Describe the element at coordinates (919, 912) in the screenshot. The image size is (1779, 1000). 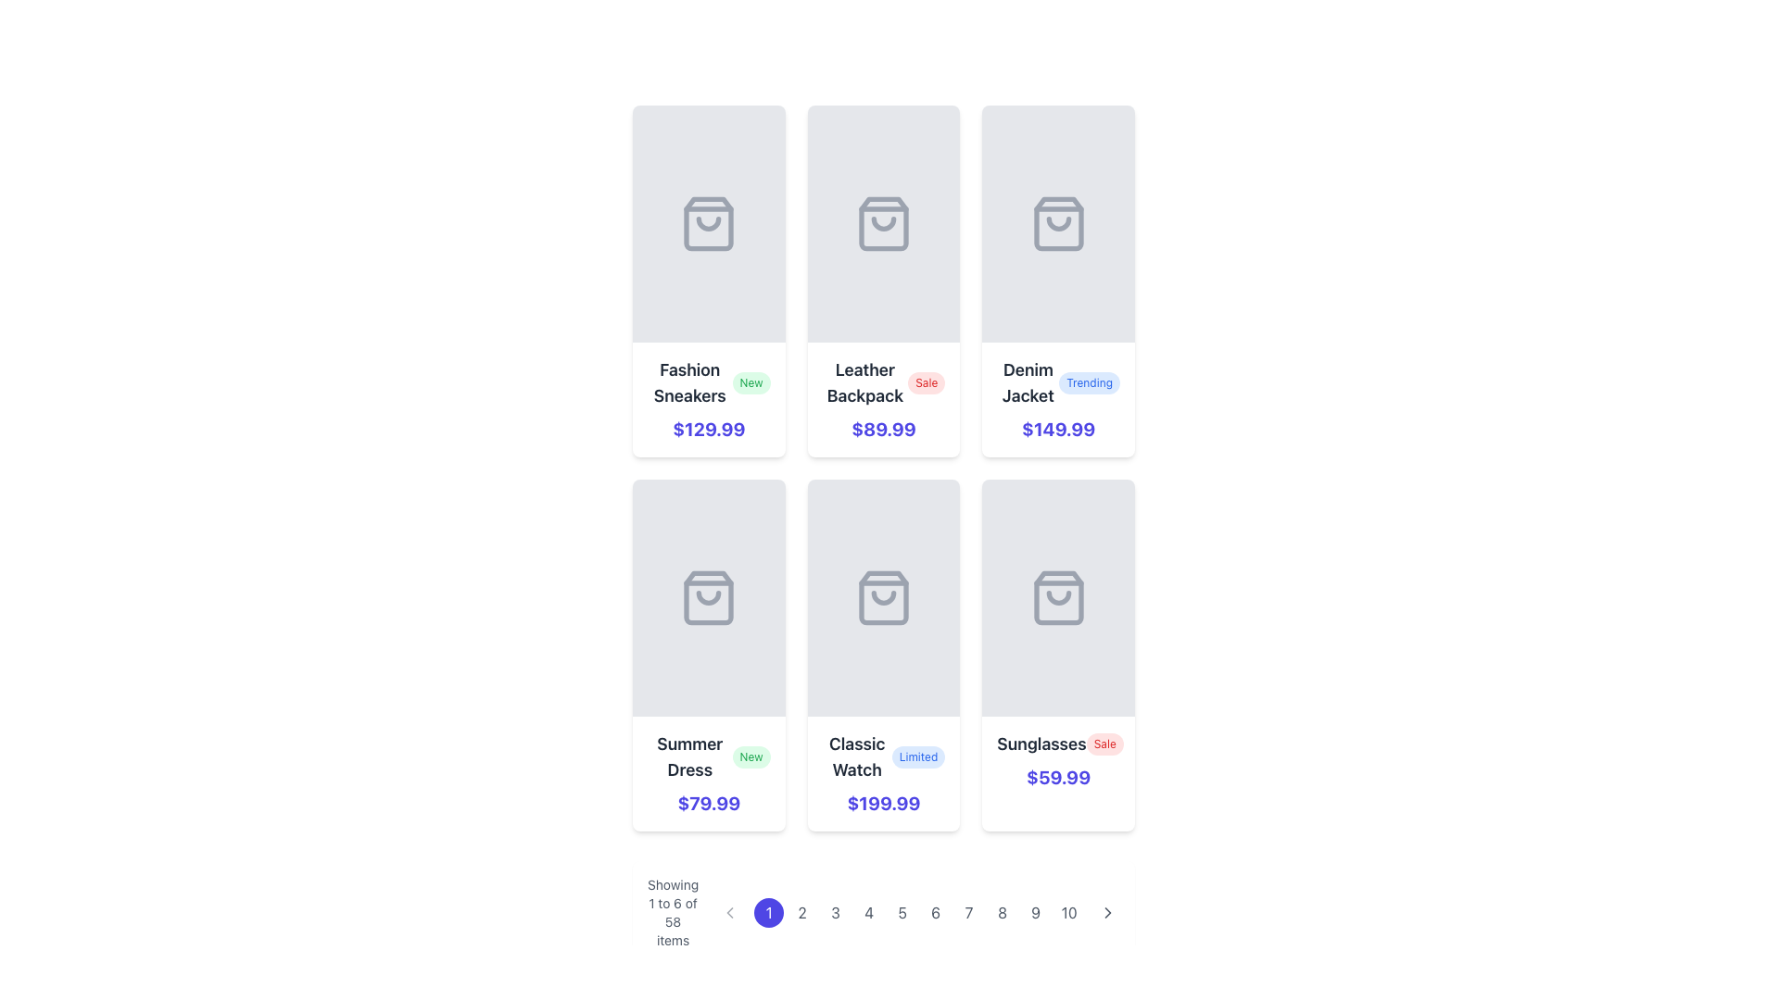
I see `the highlighted button labeled '5' in the pagination control bar` at that location.